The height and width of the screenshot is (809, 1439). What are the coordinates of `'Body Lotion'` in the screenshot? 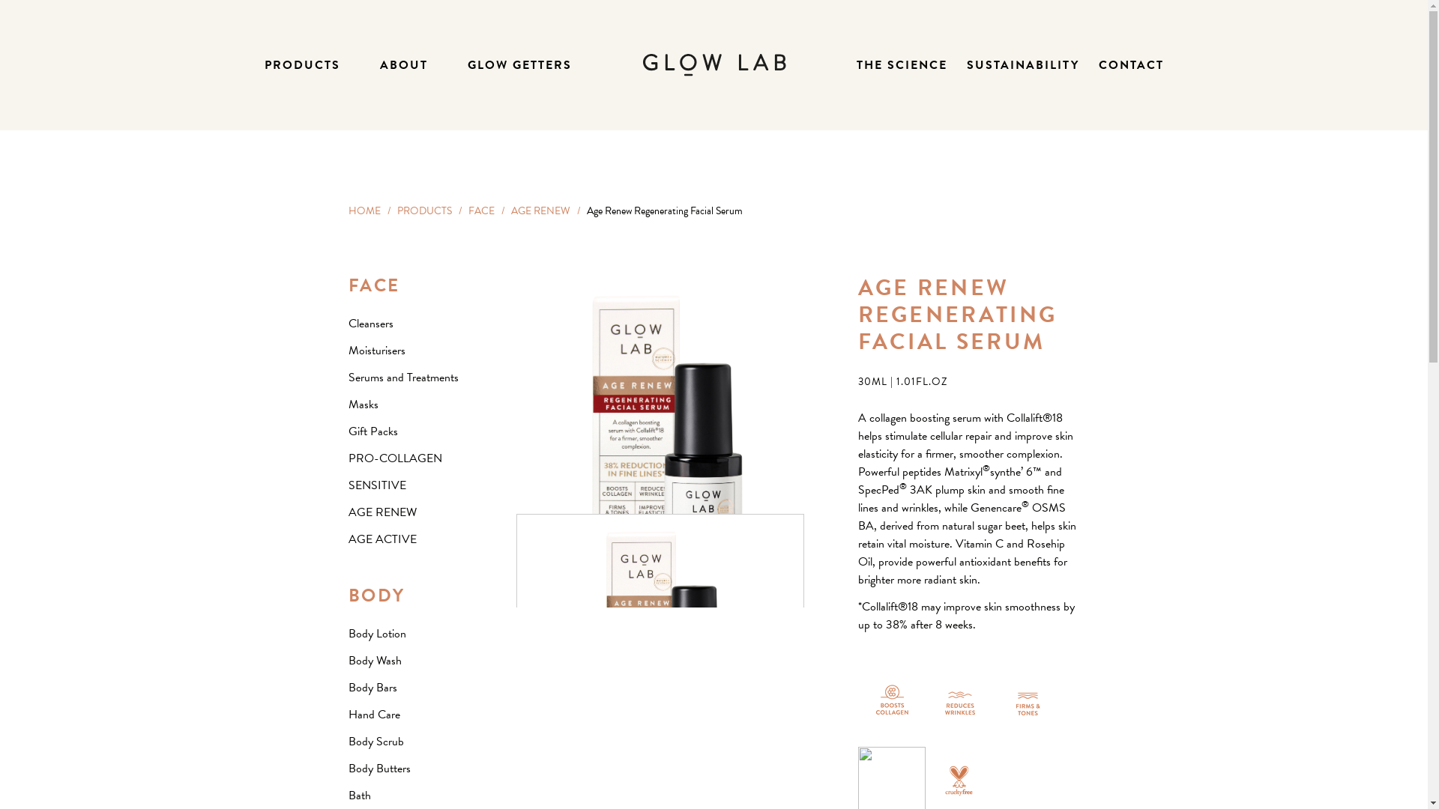 It's located at (376, 633).